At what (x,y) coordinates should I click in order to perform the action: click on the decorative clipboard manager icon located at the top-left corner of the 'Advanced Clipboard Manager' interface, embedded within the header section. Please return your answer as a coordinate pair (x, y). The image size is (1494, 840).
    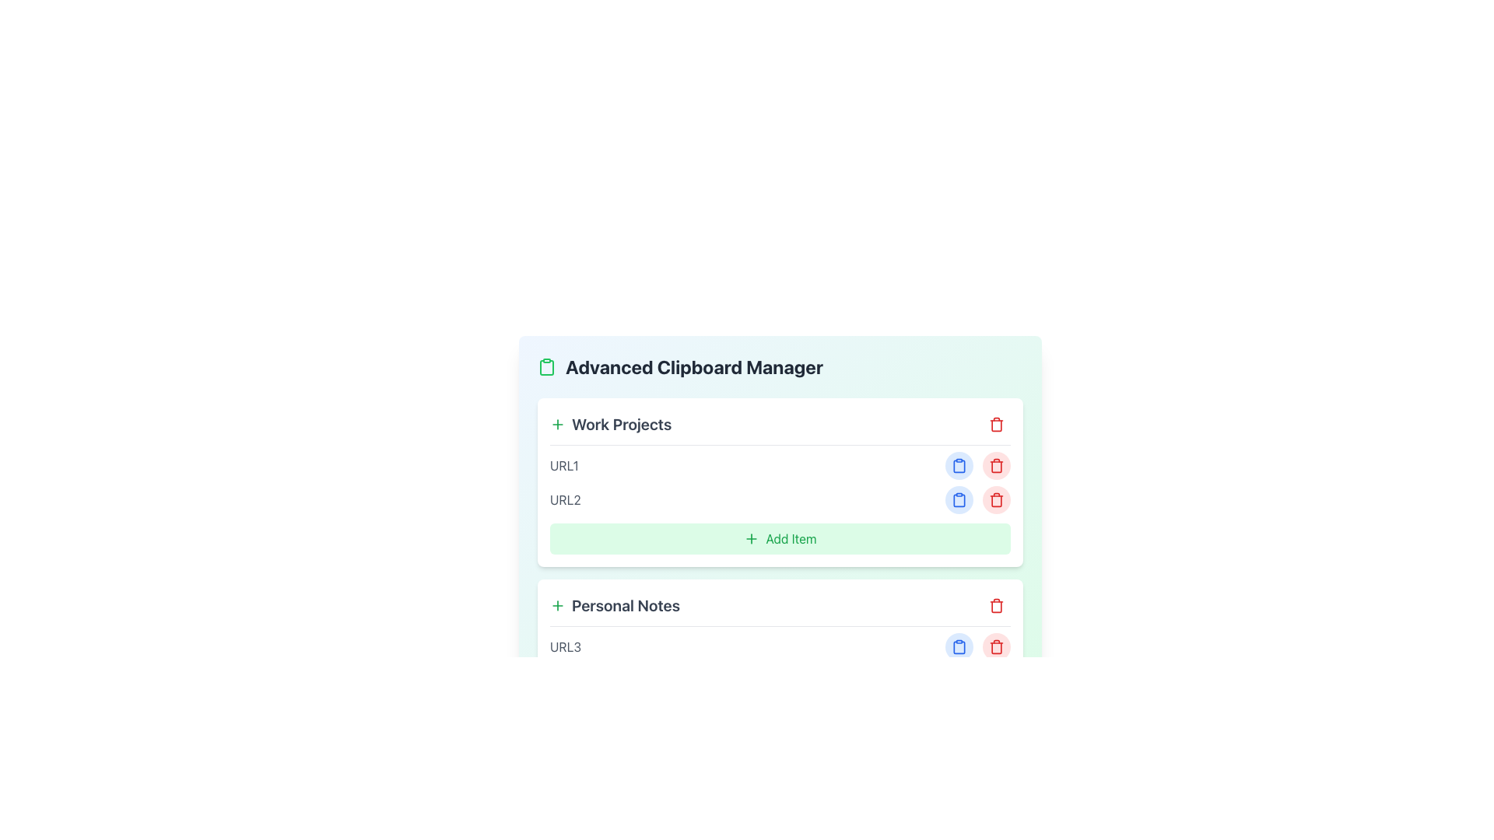
    Looking at the image, I should click on (546, 368).